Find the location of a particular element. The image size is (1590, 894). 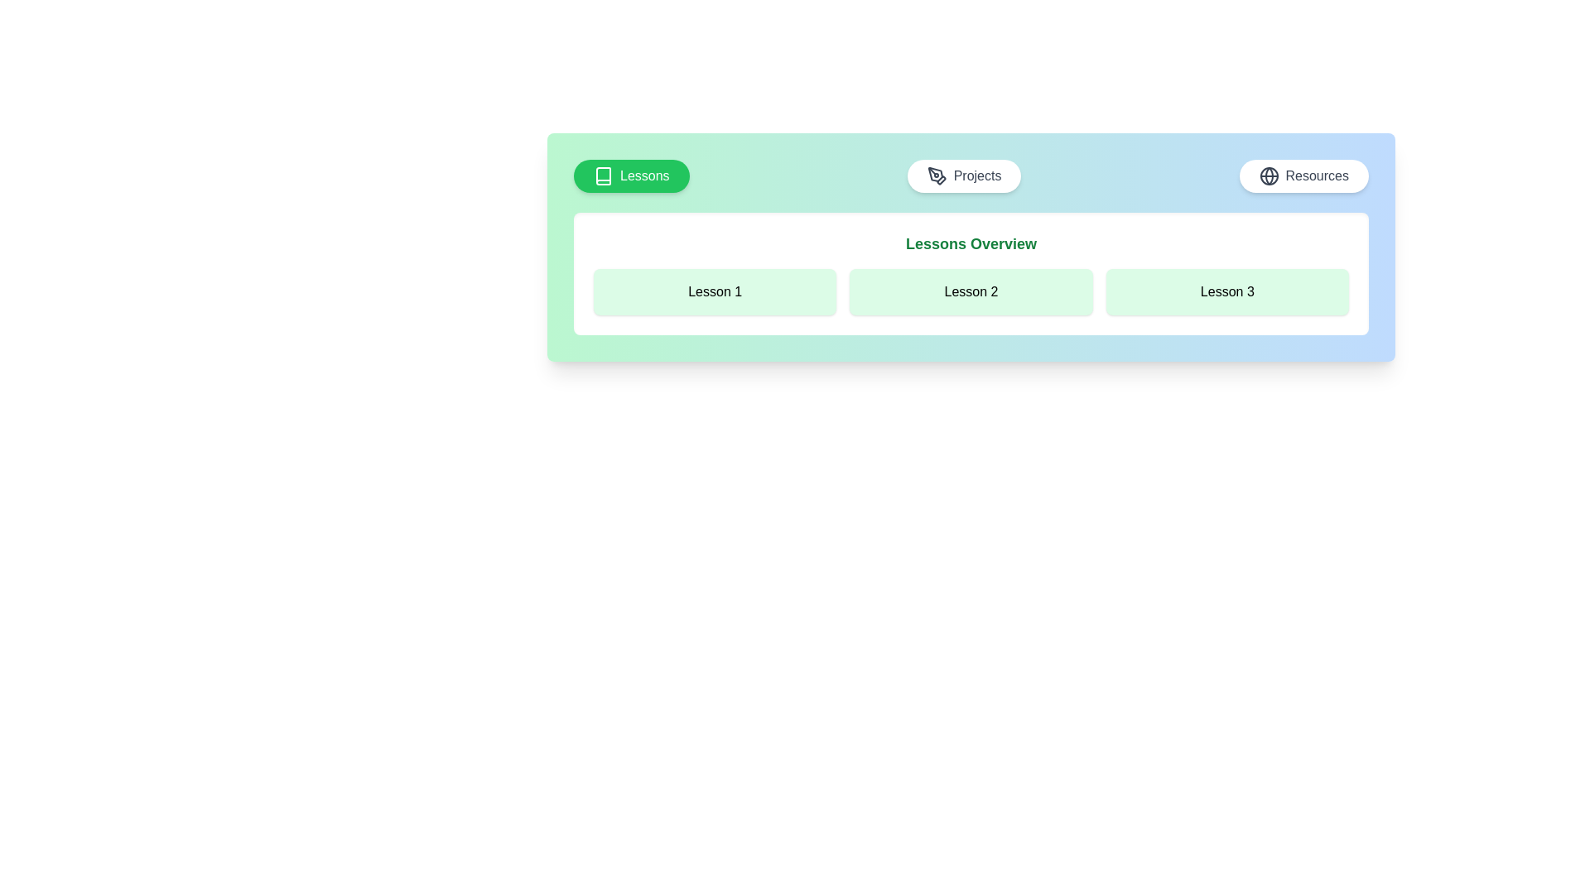

the central circle of the SVG globe icon by clicking on it, as it is interactive is located at coordinates (1268, 175).